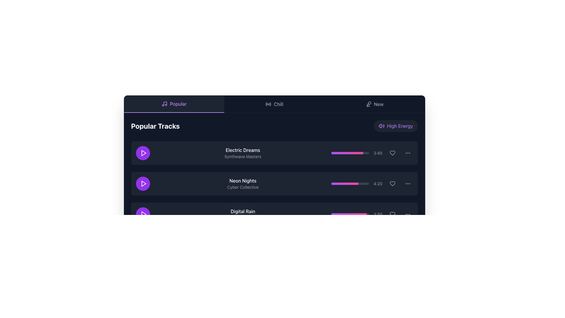  Describe the element at coordinates (178, 104) in the screenshot. I see `the 'Popular' text label, which is displayed in medium weight font and purple color within a dark rectangular background in the navigation section` at that location.